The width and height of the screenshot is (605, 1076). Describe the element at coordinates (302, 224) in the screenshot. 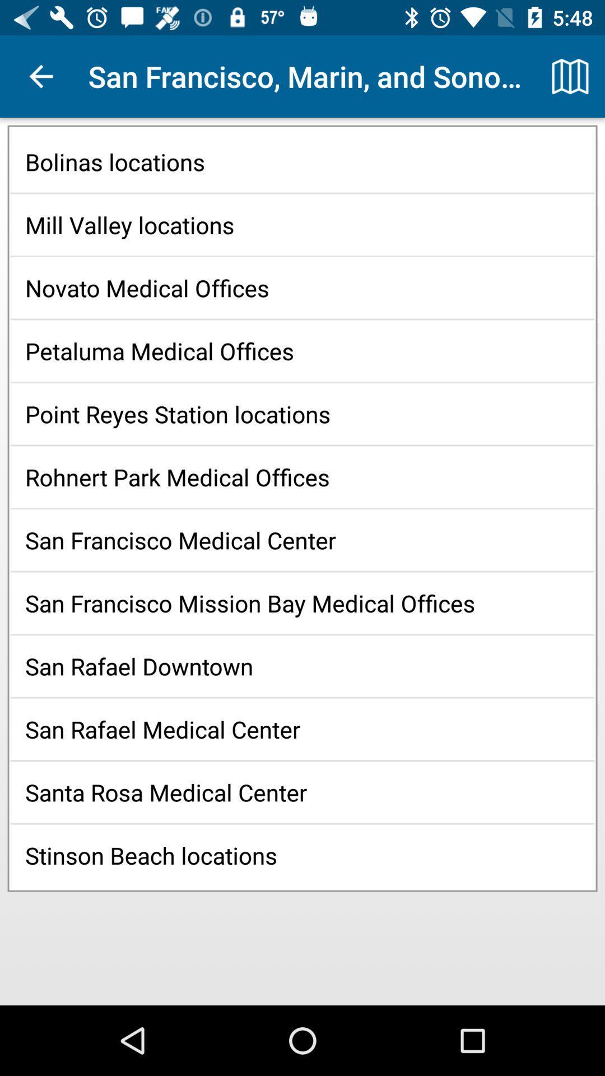

I see `icon below bolinas locations icon` at that location.